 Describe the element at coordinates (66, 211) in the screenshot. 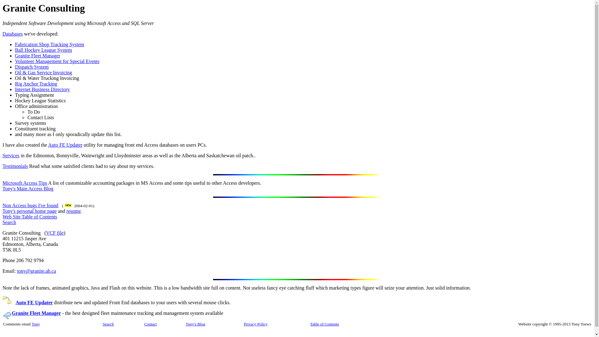

I see `'resume'` at that location.